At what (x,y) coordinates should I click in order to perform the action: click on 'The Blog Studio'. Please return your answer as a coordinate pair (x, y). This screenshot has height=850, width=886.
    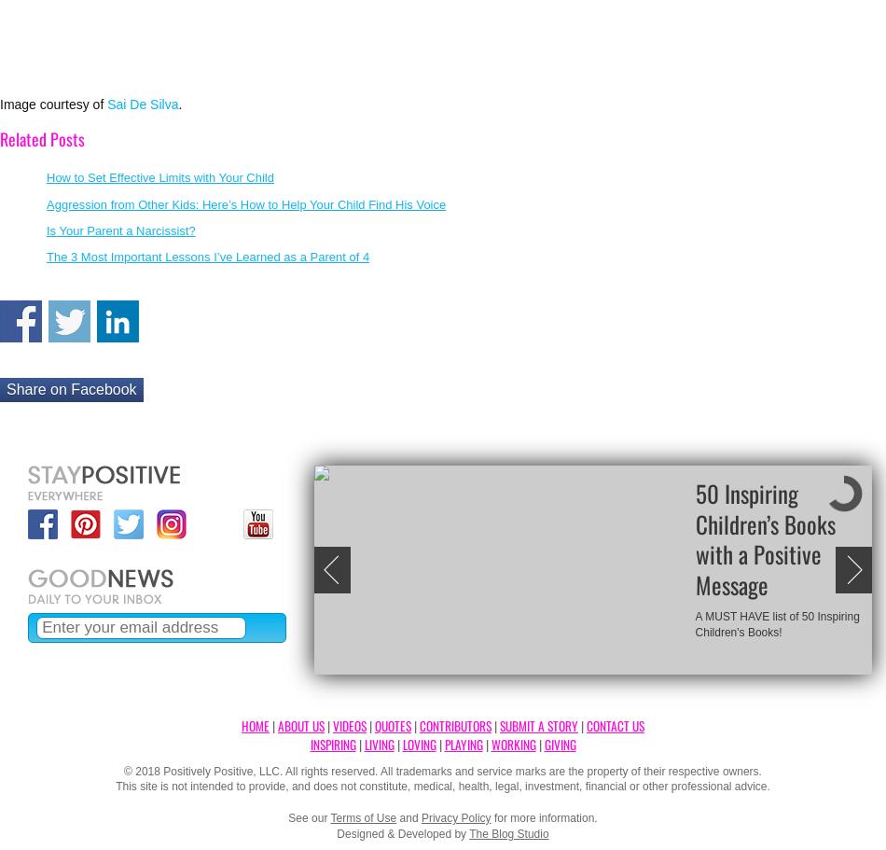
    Looking at the image, I should click on (508, 831).